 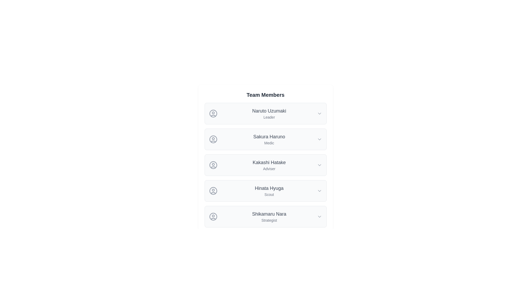 I want to click on the fifth user profile list item displaying user information, located below 'Hinata Hyuga', so click(x=265, y=217).